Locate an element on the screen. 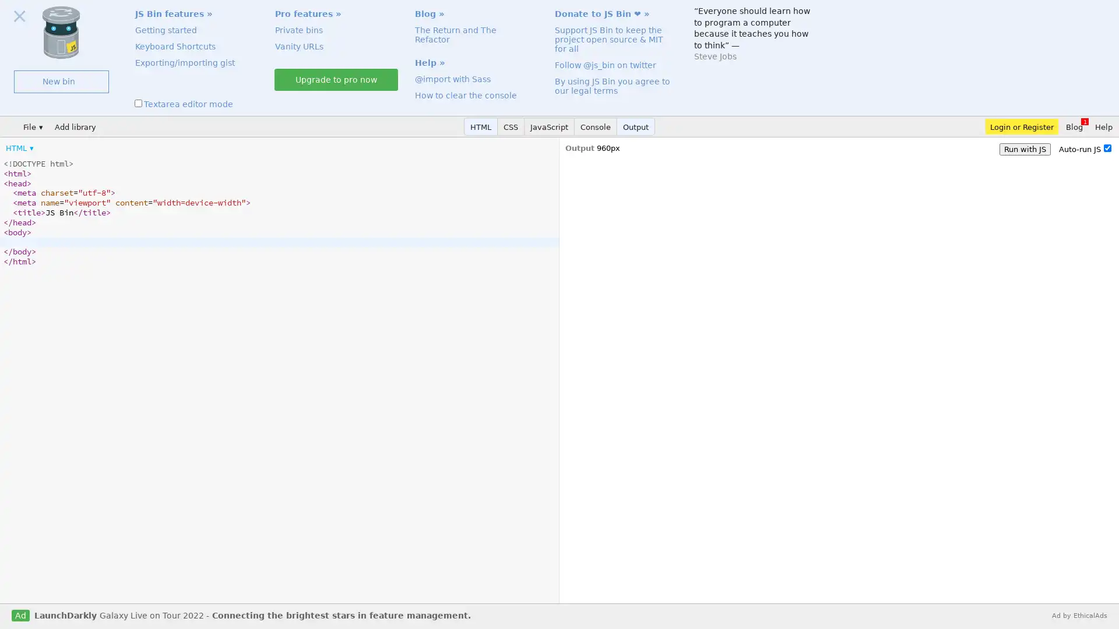 The image size is (1119, 629). Run with JS is located at coordinates (1024, 149).